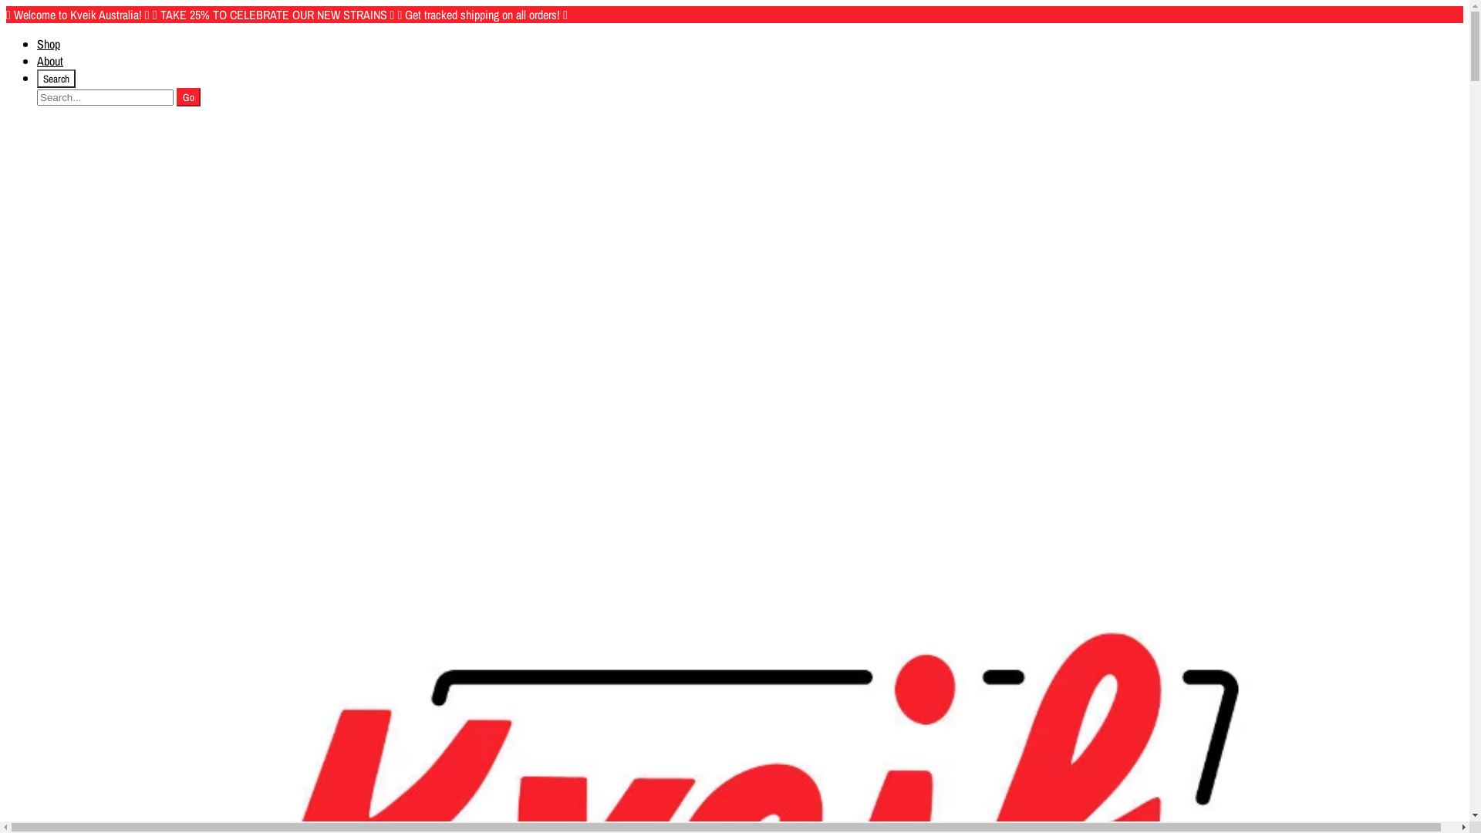  I want to click on 'Go', so click(177, 97).